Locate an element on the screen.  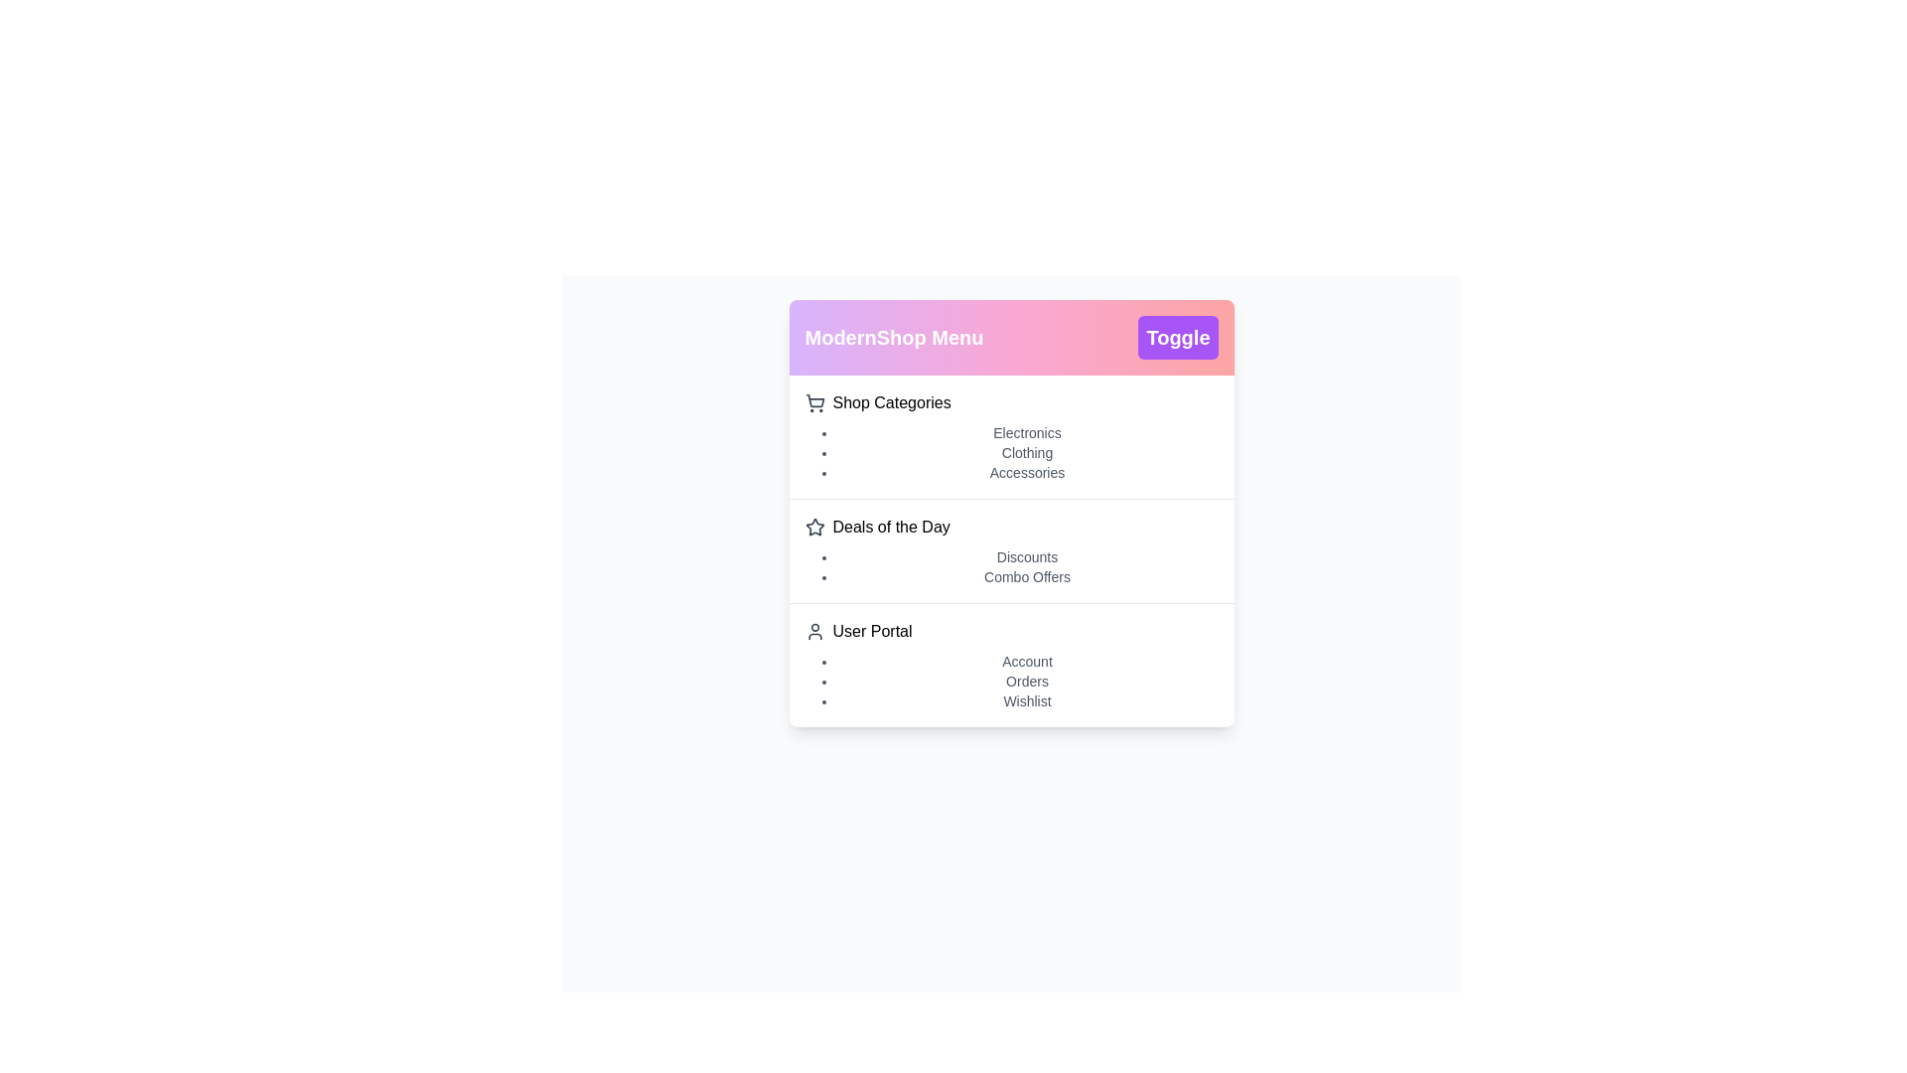
the main menu item Shop Categories to expand or select it is located at coordinates (1011, 402).